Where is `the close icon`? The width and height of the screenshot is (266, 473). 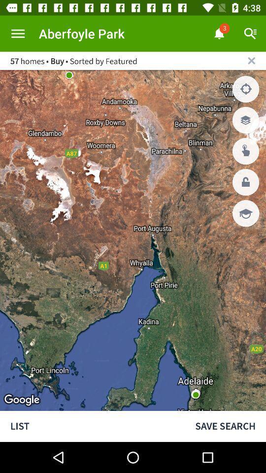 the close icon is located at coordinates (251, 60).